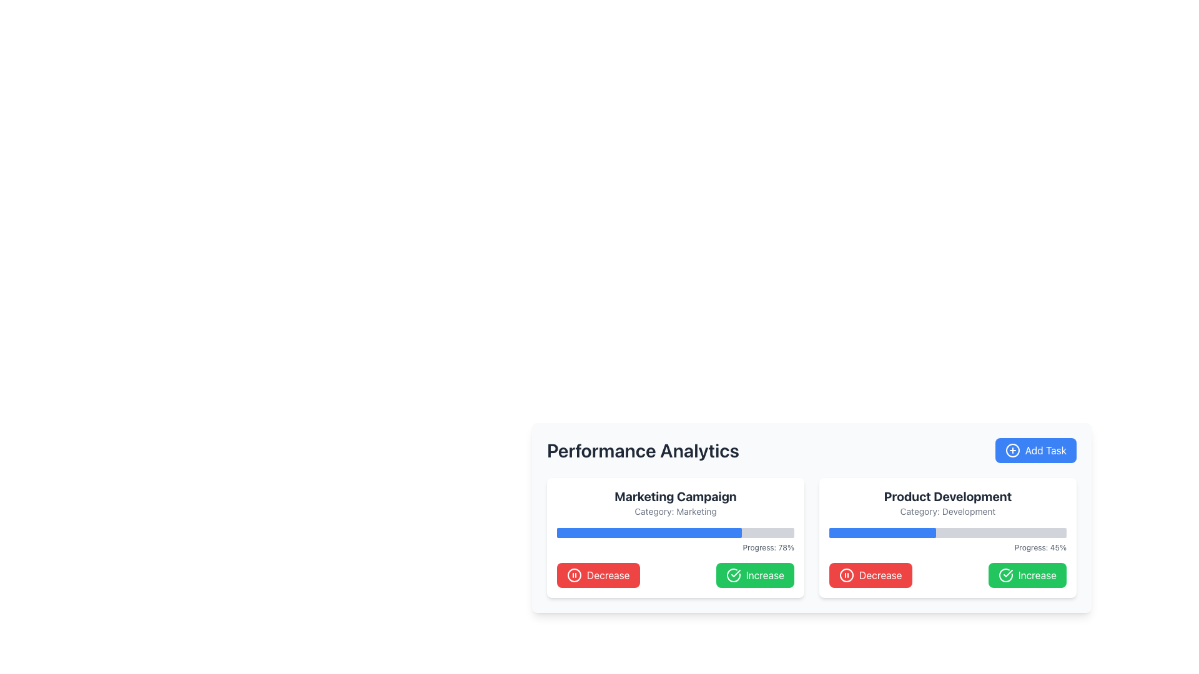 Image resolution: width=1199 pixels, height=674 pixels. What do you see at coordinates (947, 575) in the screenshot?
I see `the interactive buttons labeled 'Decrease' and 'Increase' at the bottom of the 'Product Development' card` at bounding box center [947, 575].